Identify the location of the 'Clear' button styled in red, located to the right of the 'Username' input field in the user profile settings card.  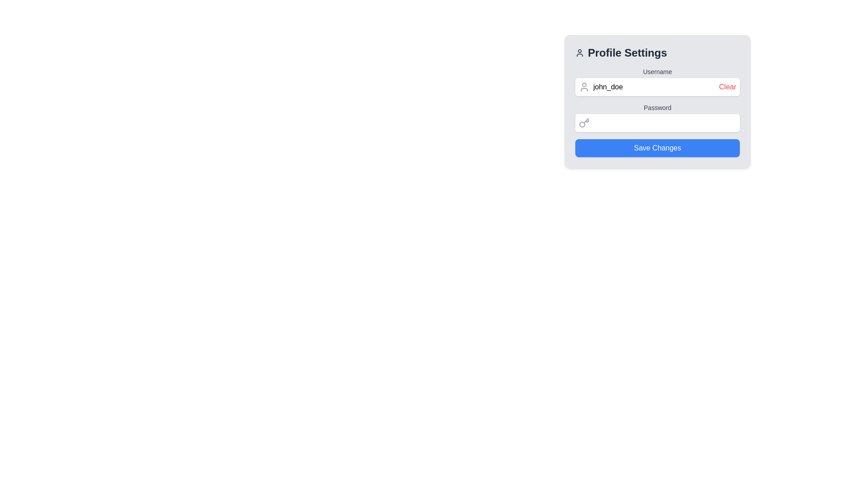
(727, 87).